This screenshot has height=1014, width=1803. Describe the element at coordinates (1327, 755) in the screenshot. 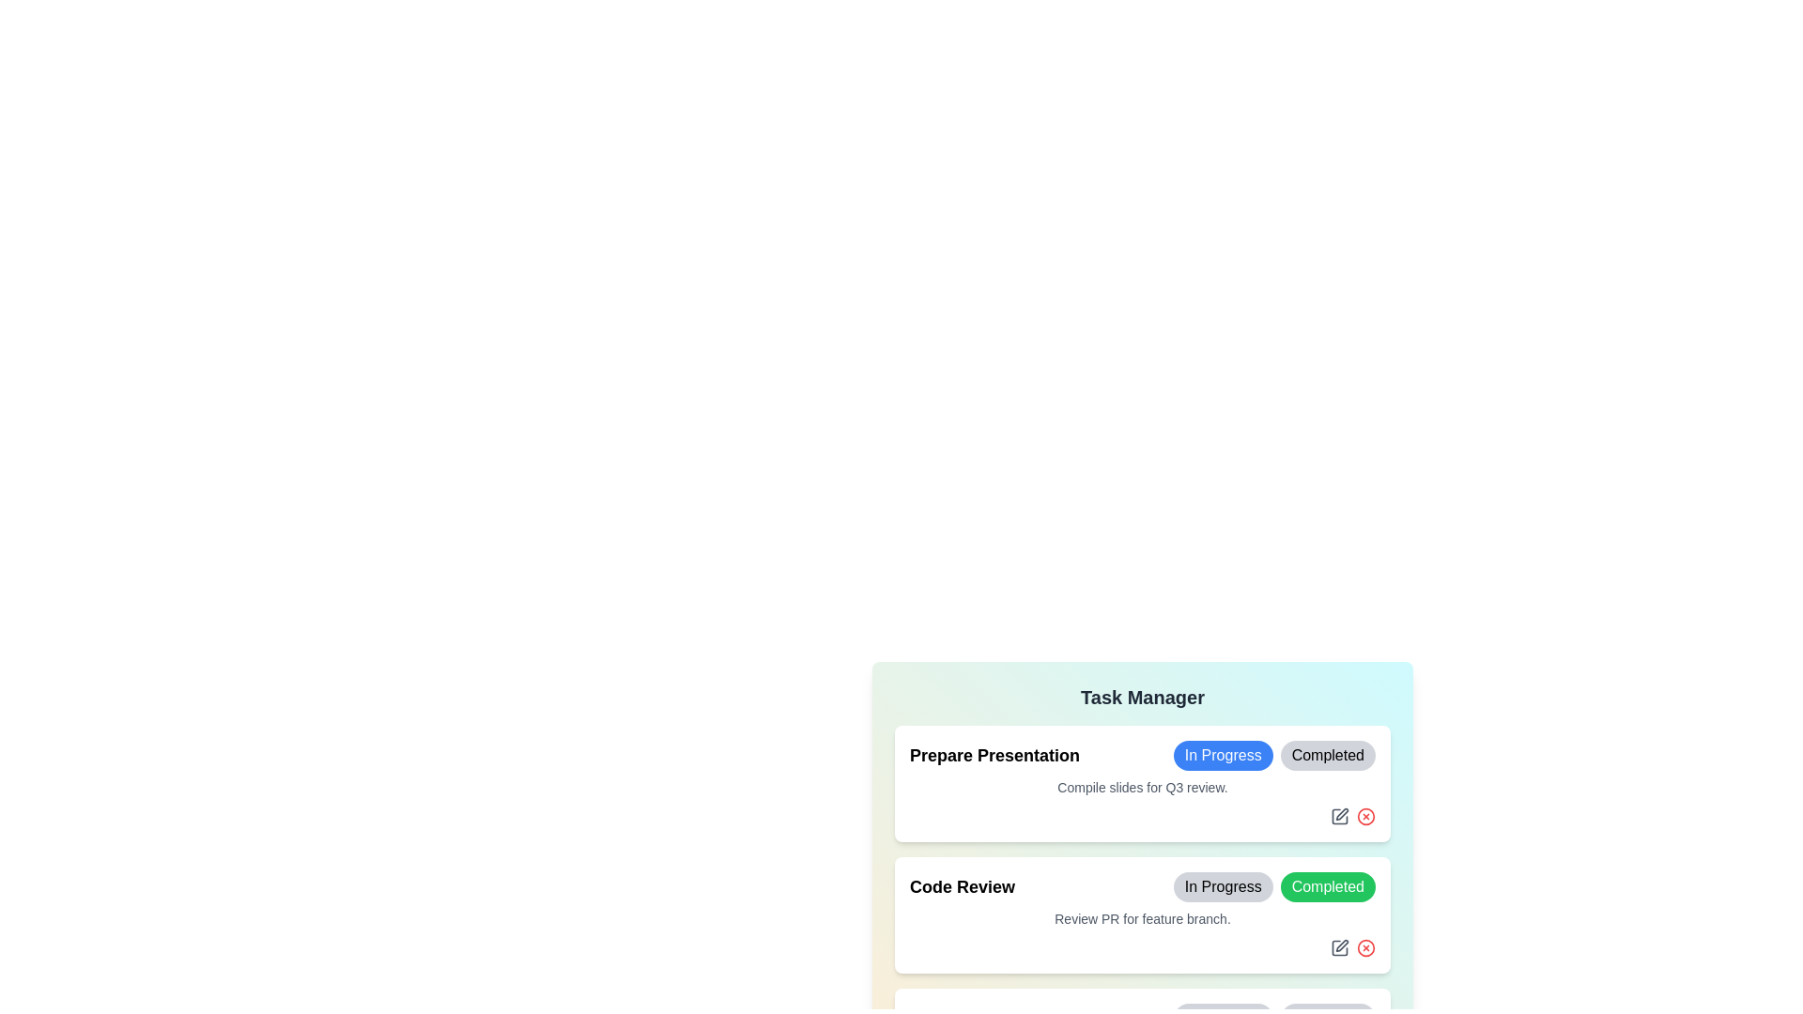

I see `'Completed' button for the task with title Prepare Presentation` at that location.